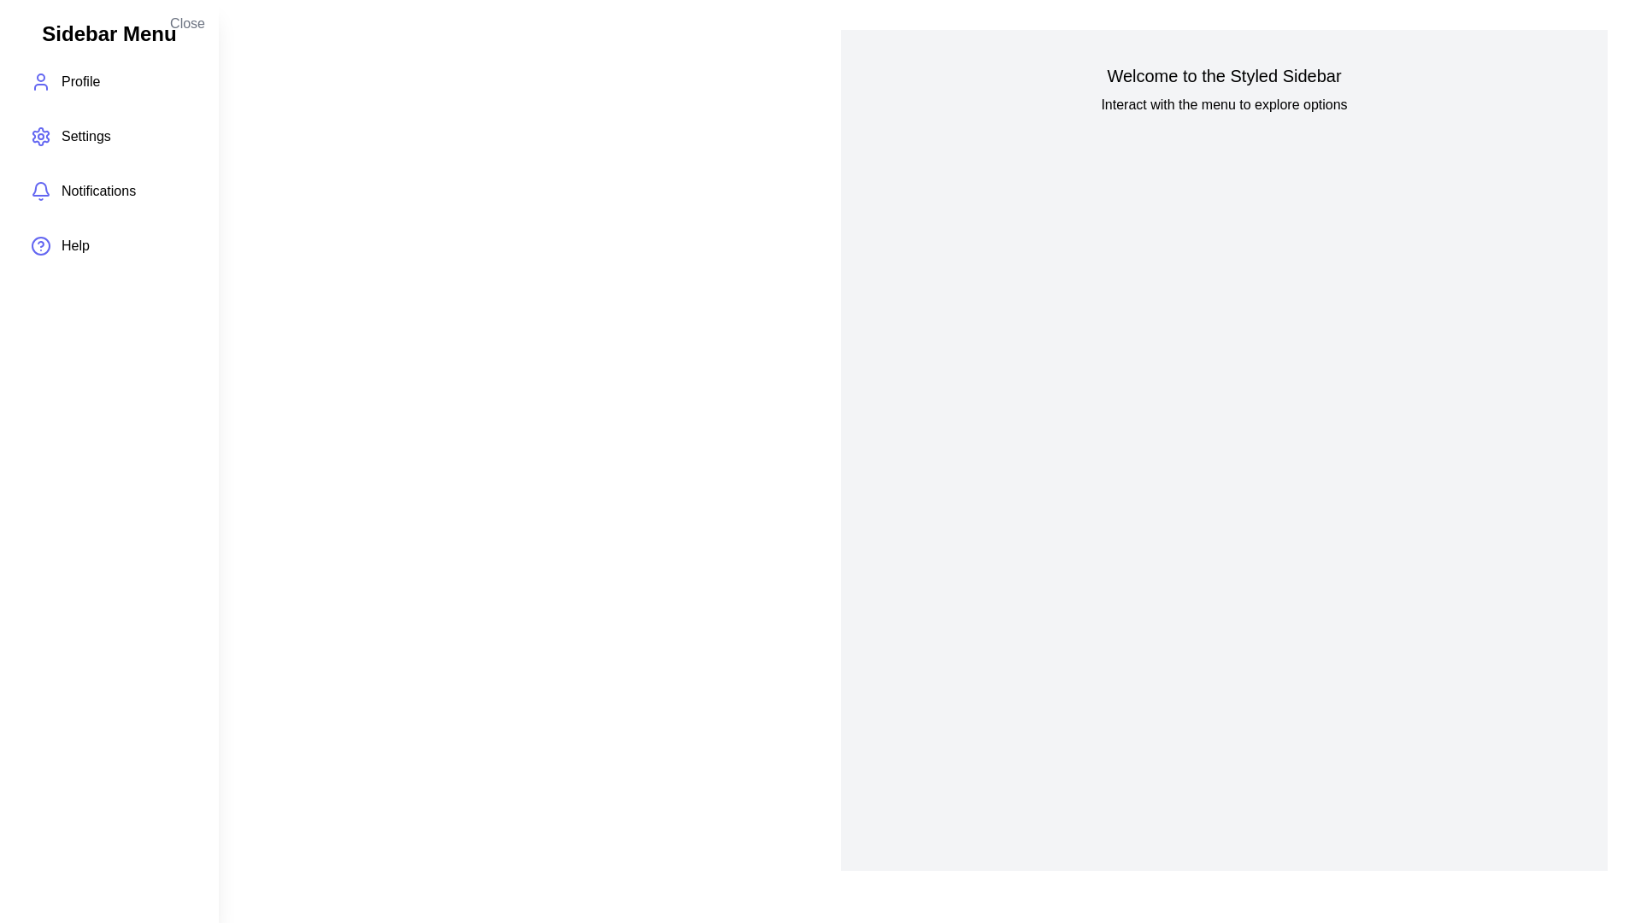  I want to click on the menu item Profile from the sidebar, so click(109, 82).